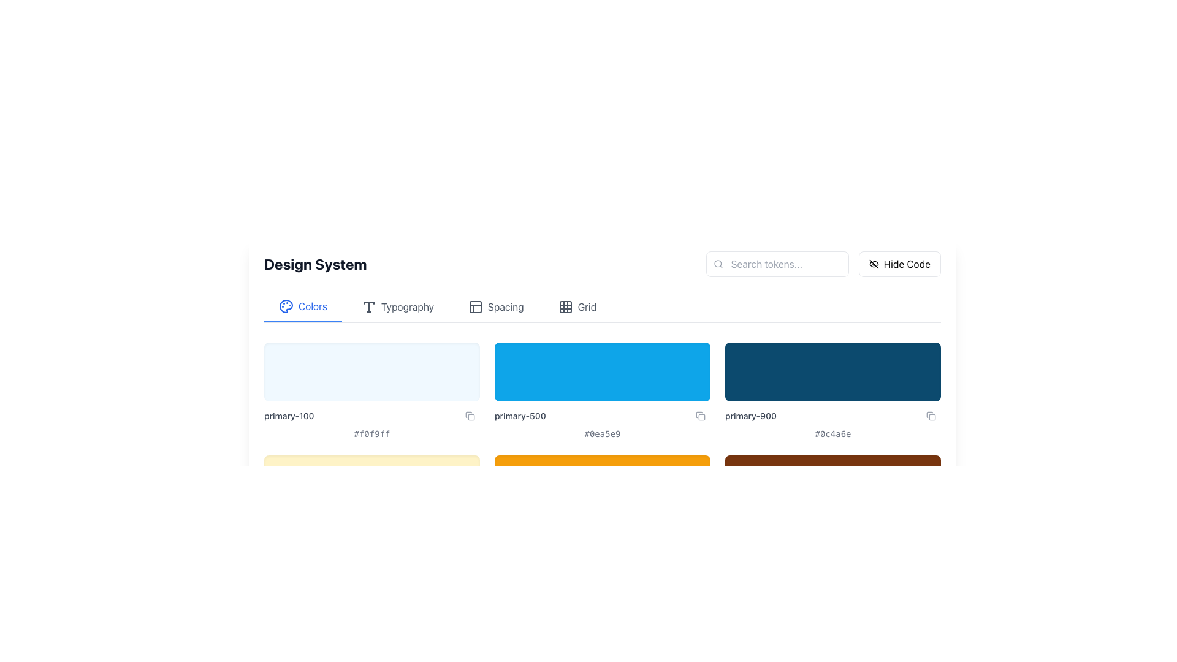 This screenshot has height=662, width=1177. I want to click on the grid icon located in the top-right area of the interface within the navigation bar, so click(565, 306).